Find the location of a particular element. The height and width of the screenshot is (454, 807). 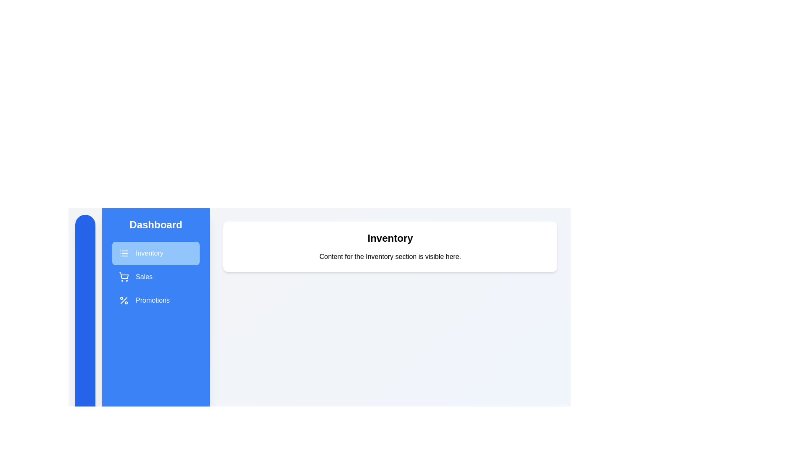

the sidebar item Promotions is located at coordinates (156, 300).